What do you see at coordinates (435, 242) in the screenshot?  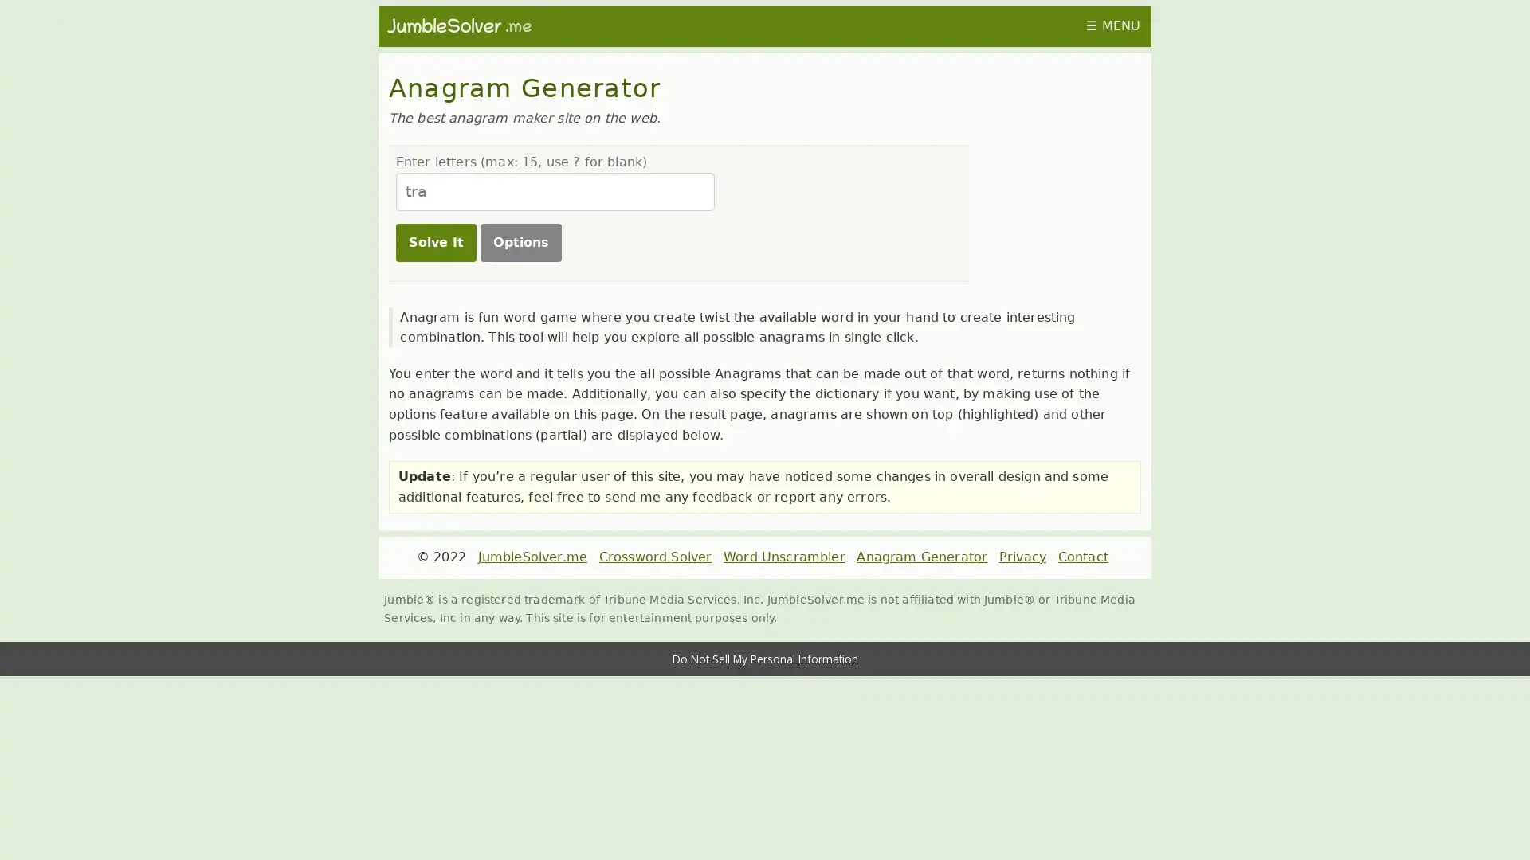 I see `Solve It` at bounding box center [435, 242].